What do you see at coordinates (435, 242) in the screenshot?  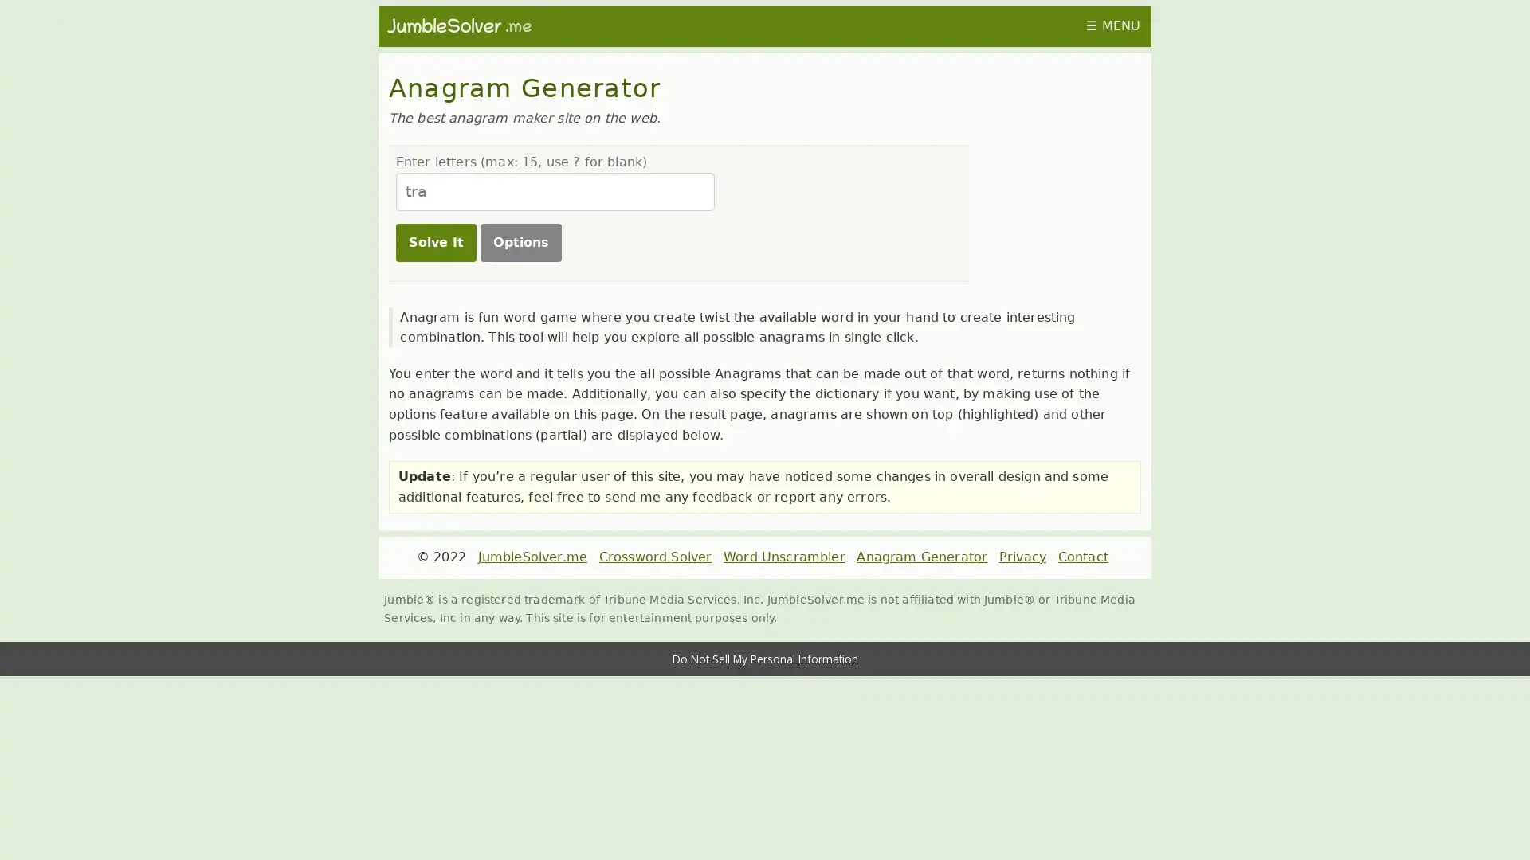 I see `Solve It` at bounding box center [435, 242].